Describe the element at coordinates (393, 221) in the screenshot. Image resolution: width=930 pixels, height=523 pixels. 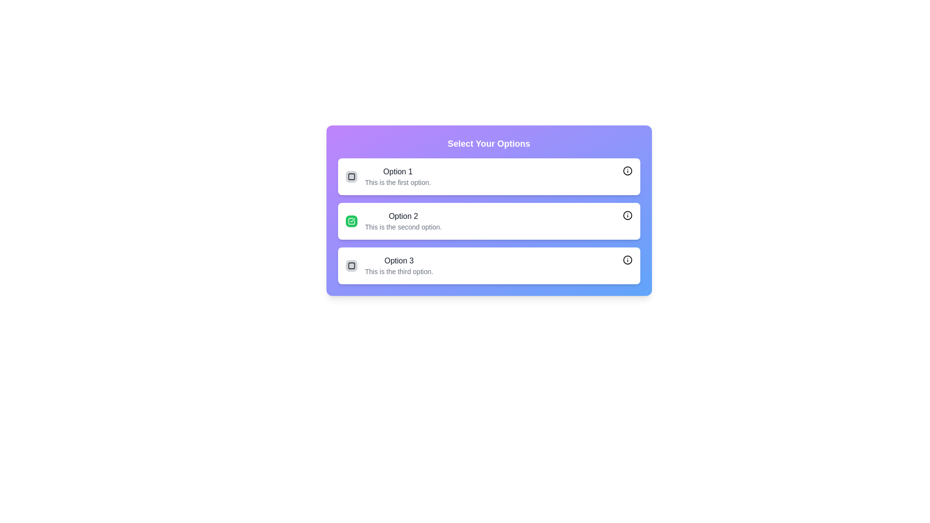
I see `textual description of the selected list item 'Option 2', which is indicated by a green checkmark icon` at that location.